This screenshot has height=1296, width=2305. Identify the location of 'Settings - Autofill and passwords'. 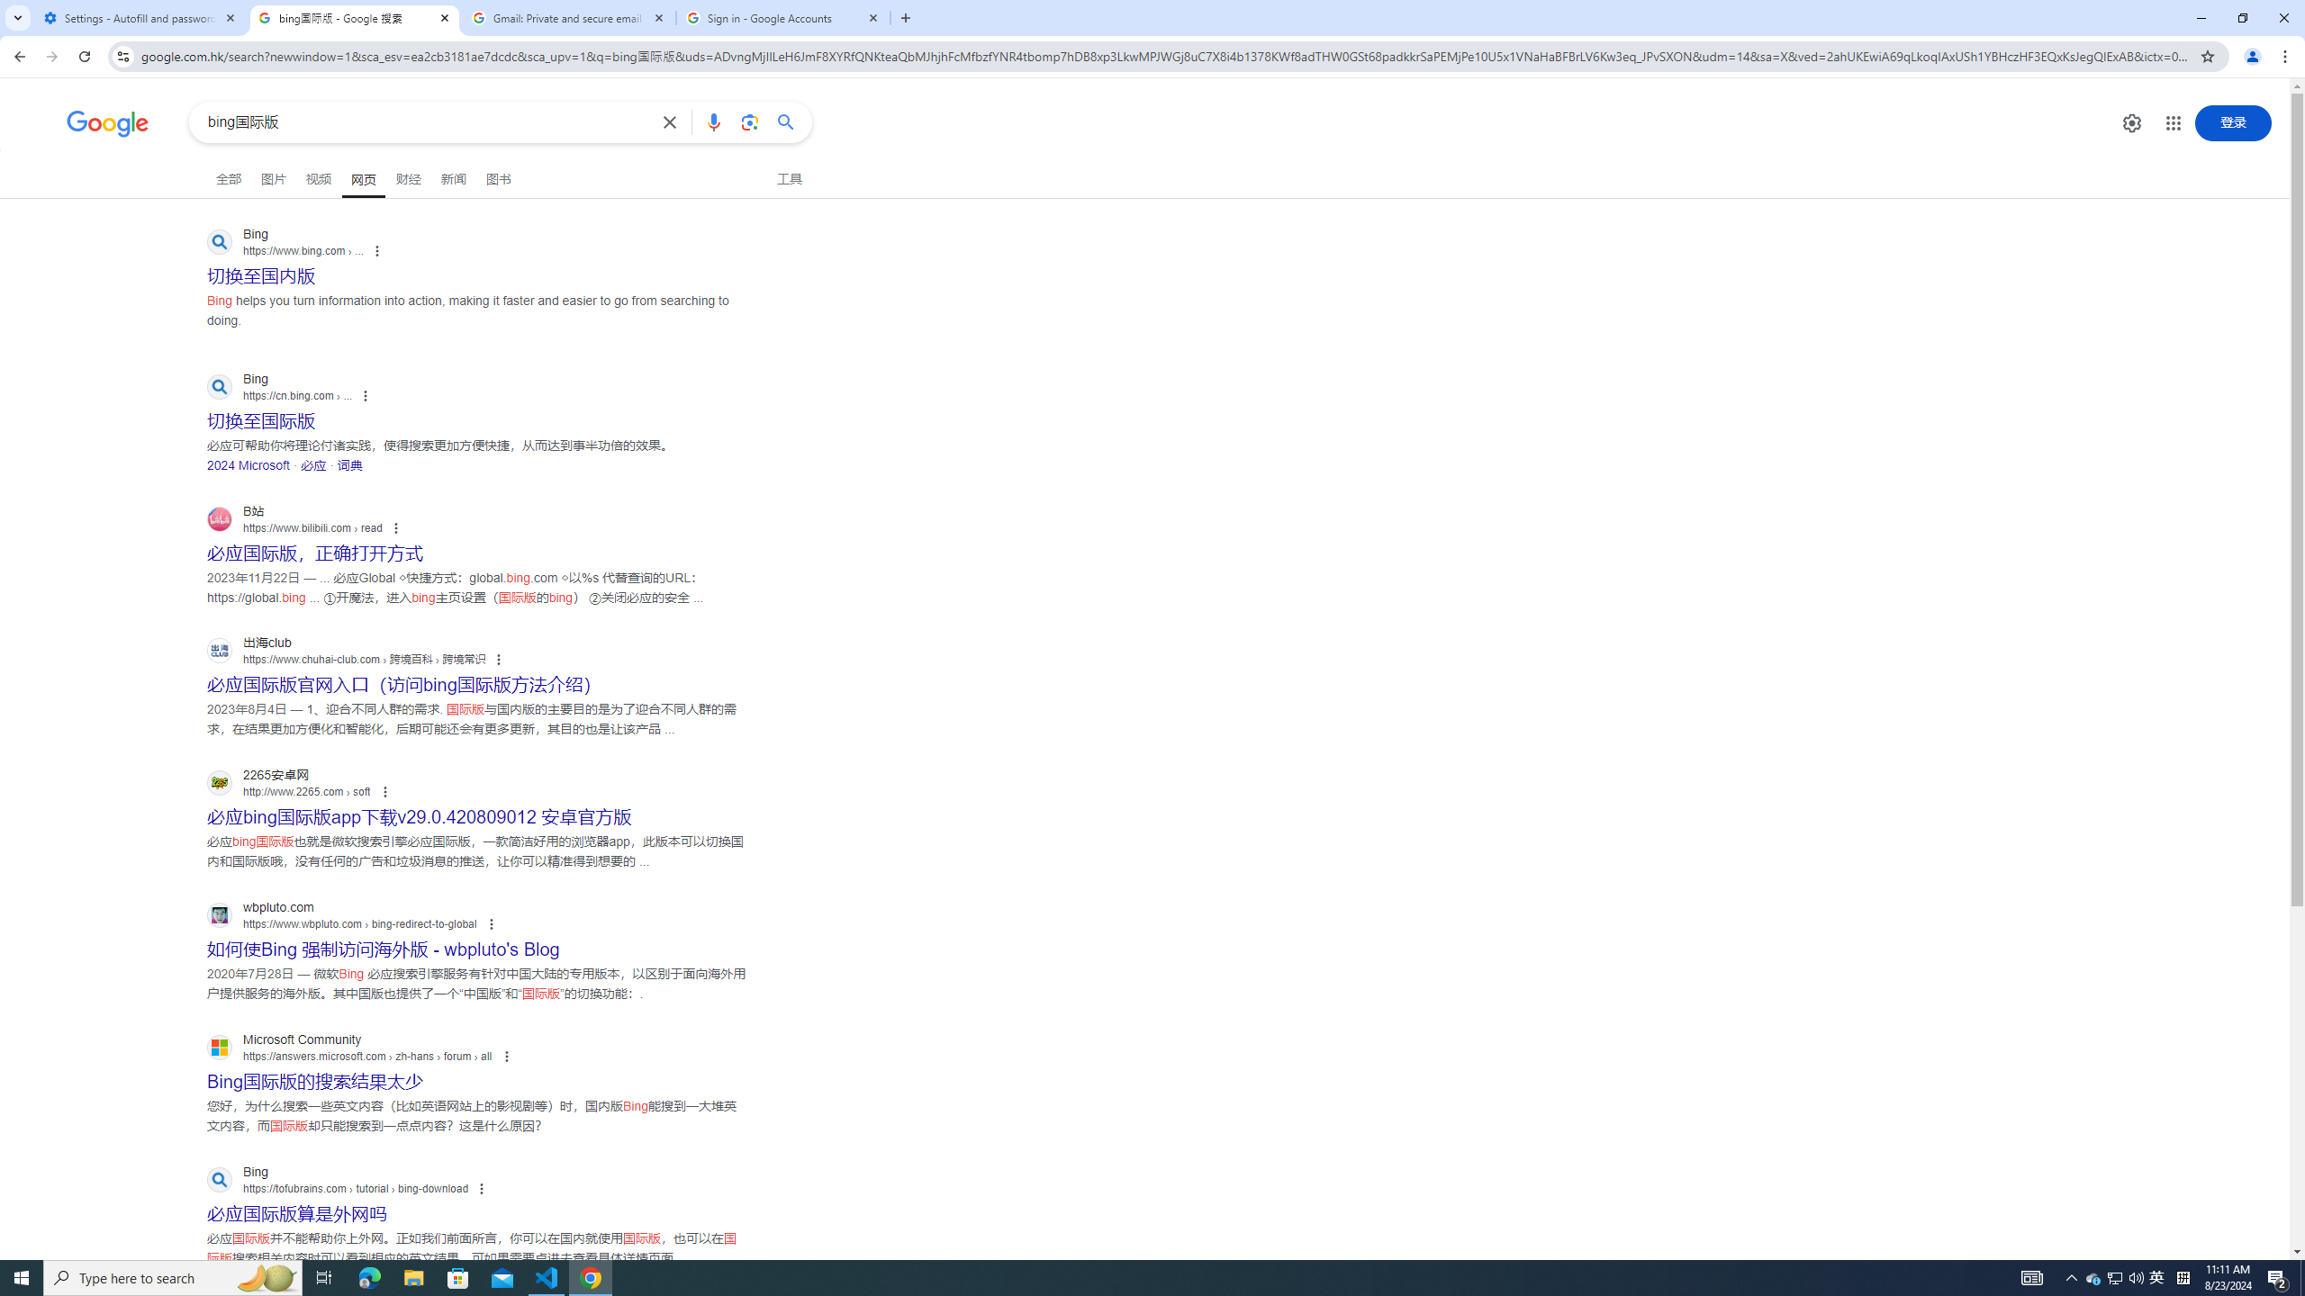
(140, 17).